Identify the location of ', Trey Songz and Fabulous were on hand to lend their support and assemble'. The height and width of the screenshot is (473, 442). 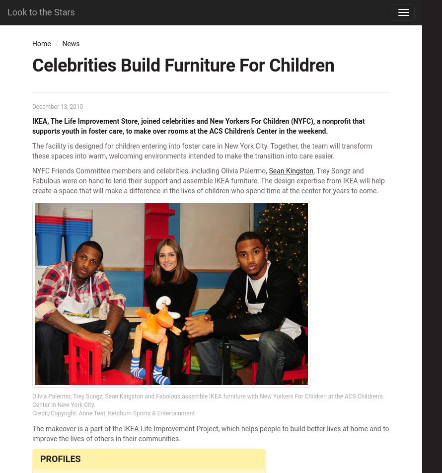
(197, 175).